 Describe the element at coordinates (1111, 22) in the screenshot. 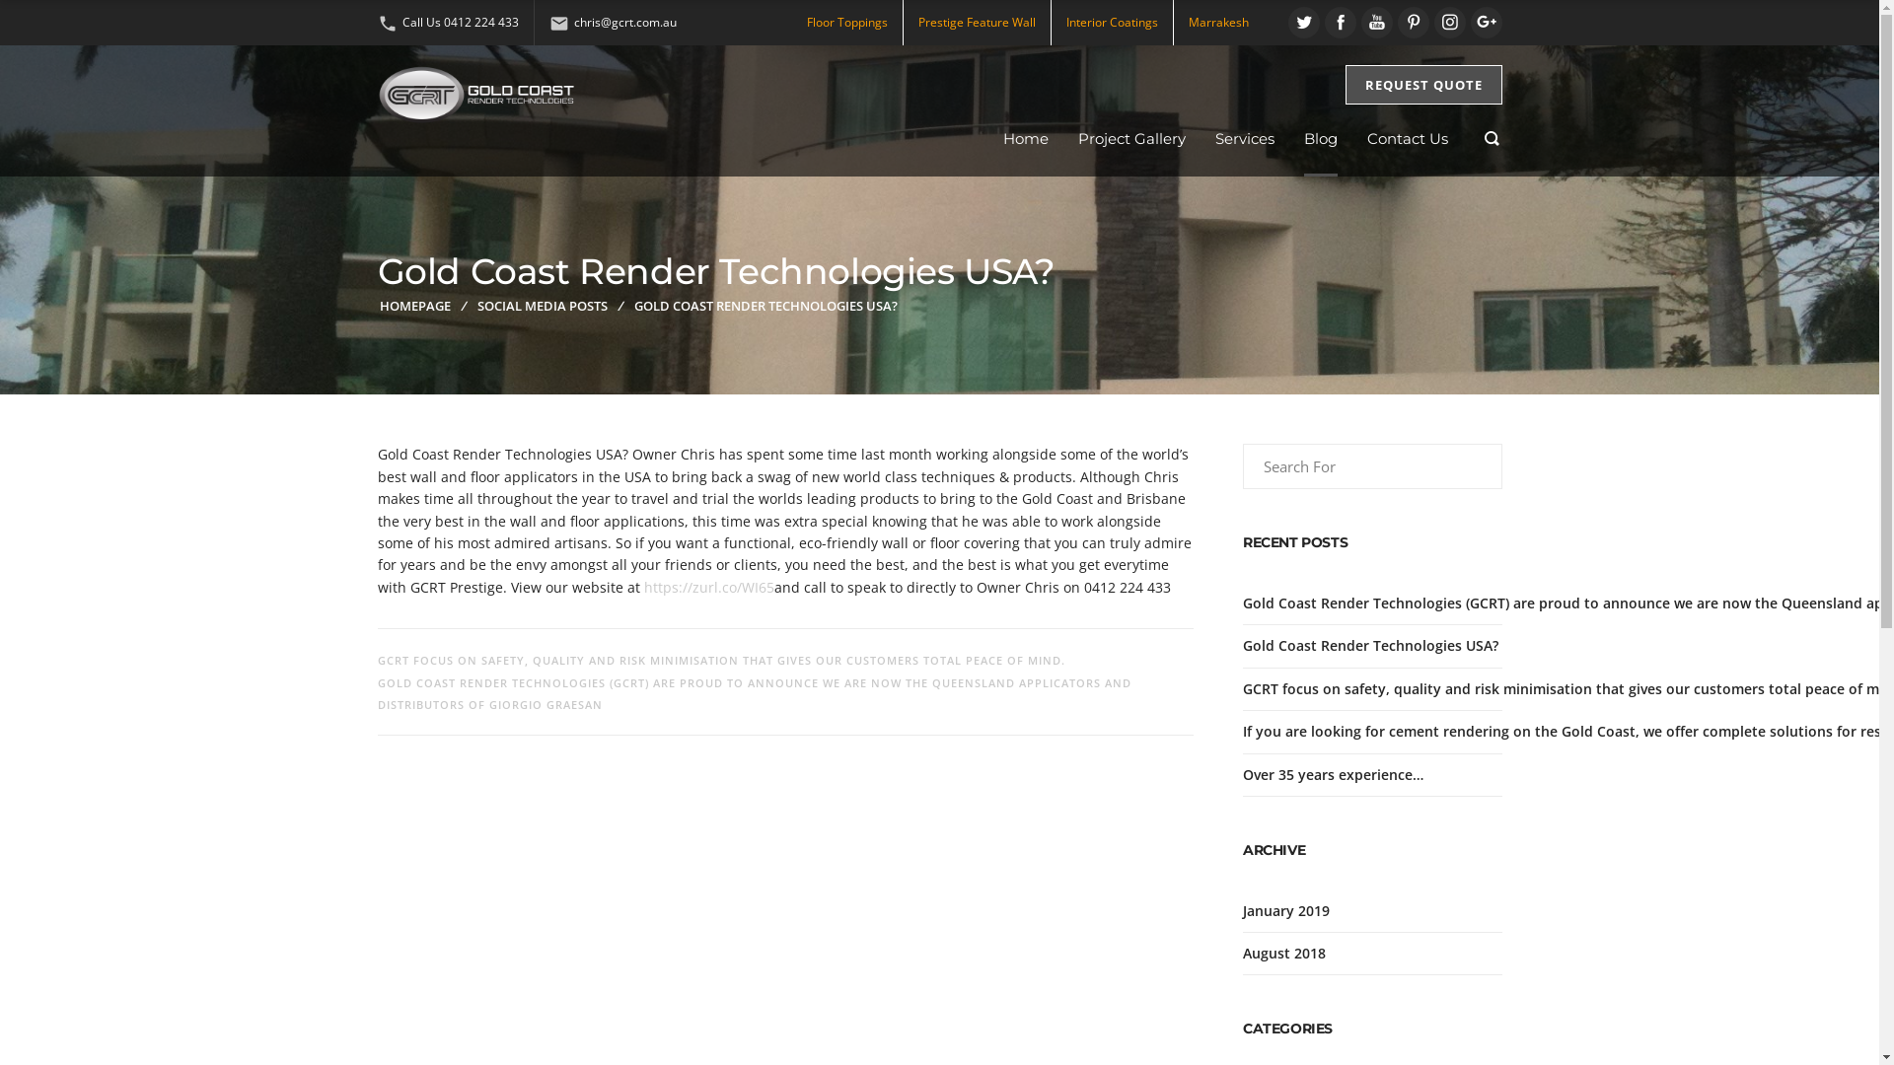

I see `'Interior Coatings'` at that location.